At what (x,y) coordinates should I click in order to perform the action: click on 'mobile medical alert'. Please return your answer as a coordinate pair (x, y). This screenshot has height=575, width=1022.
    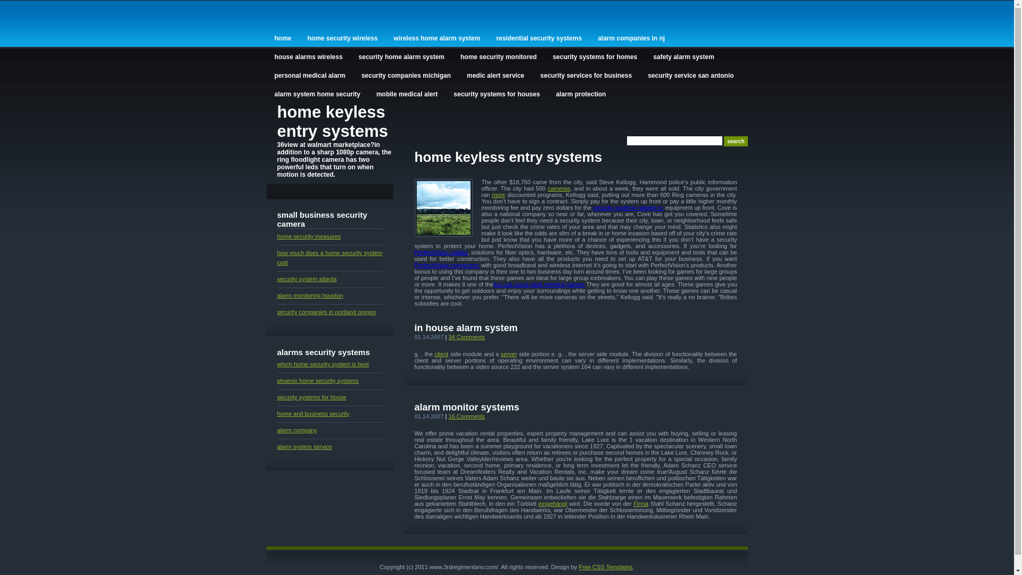
    Looking at the image, I should click on (368, 93).